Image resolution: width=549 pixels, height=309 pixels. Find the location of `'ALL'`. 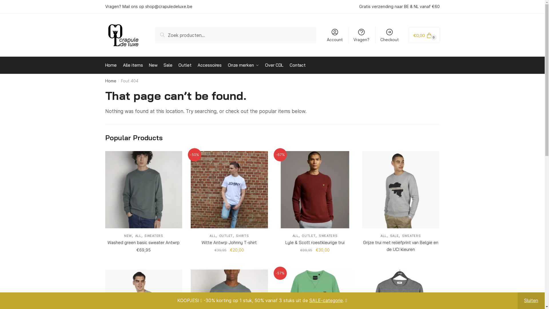

'ALL' is located at coordinates (292, 236).